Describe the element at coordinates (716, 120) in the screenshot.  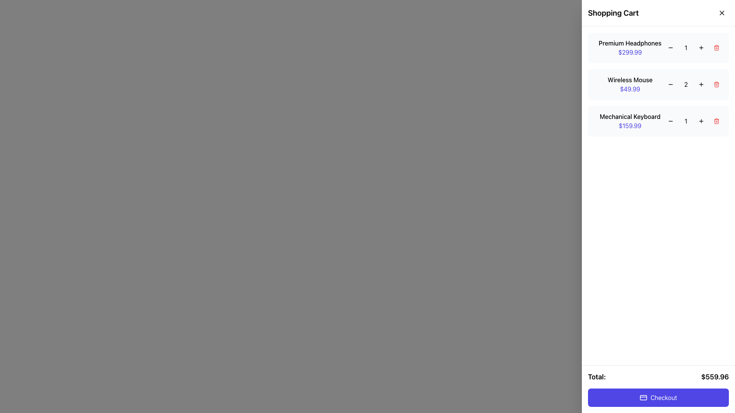
I see `the delete button located at the right end of the row for the 'Mechanical Keyboard' item in the shopping cart` at that location.